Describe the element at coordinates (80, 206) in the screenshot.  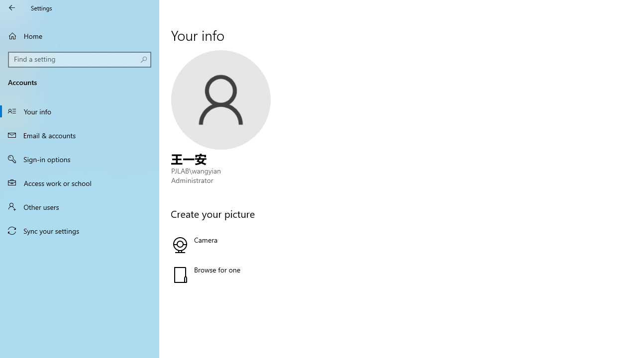
I see `'Other users'` at that location.